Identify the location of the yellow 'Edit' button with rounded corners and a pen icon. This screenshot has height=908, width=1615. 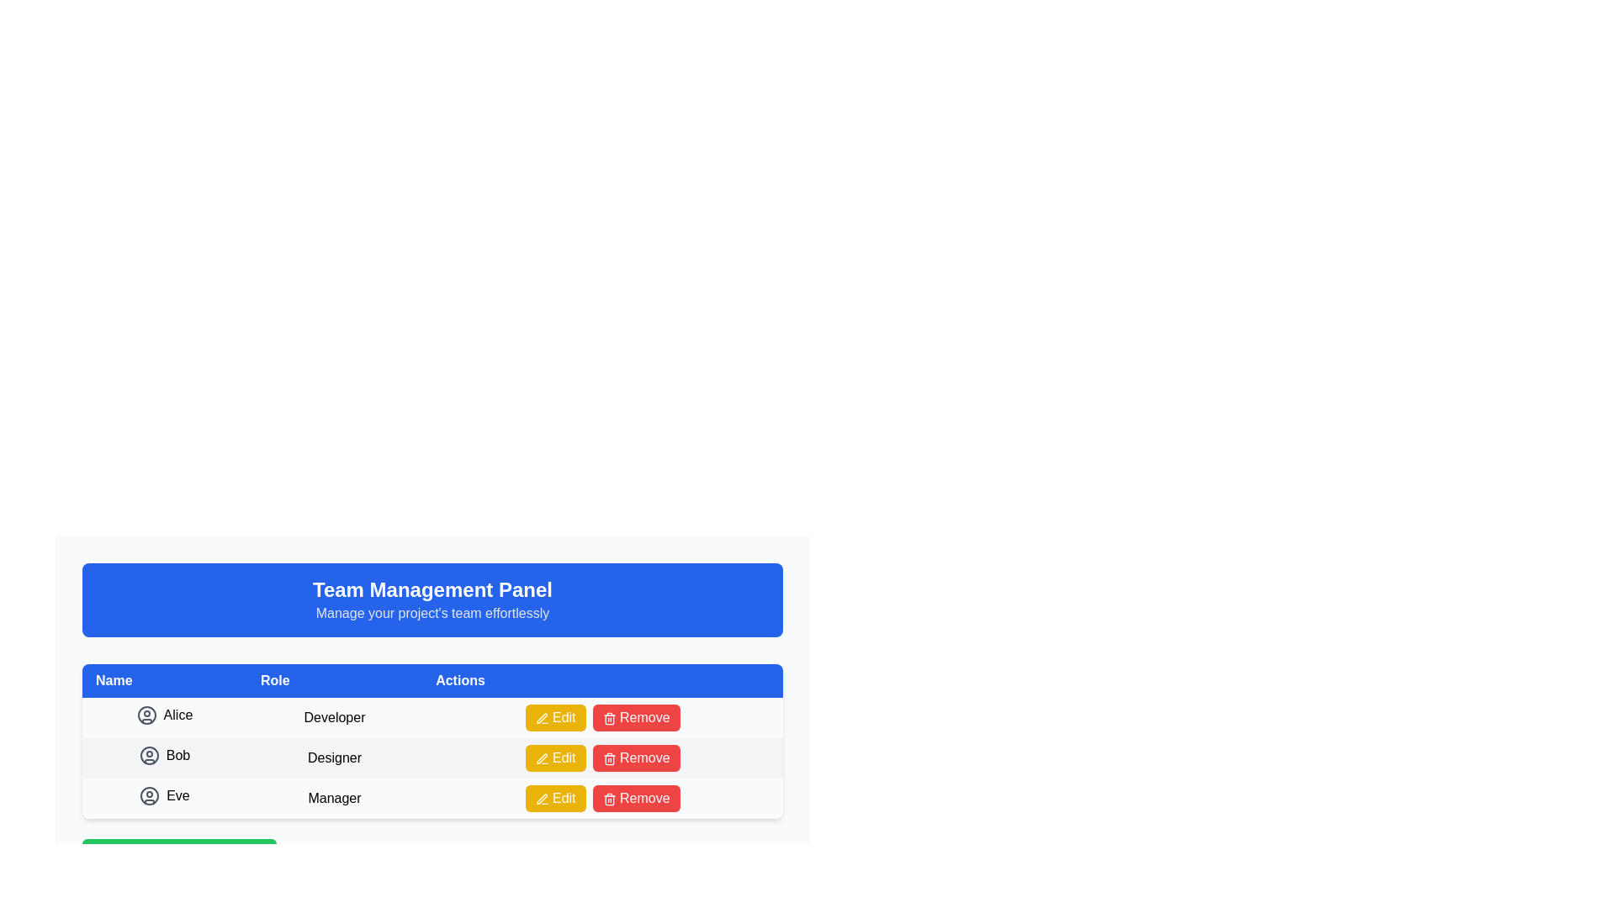
(555, 758).